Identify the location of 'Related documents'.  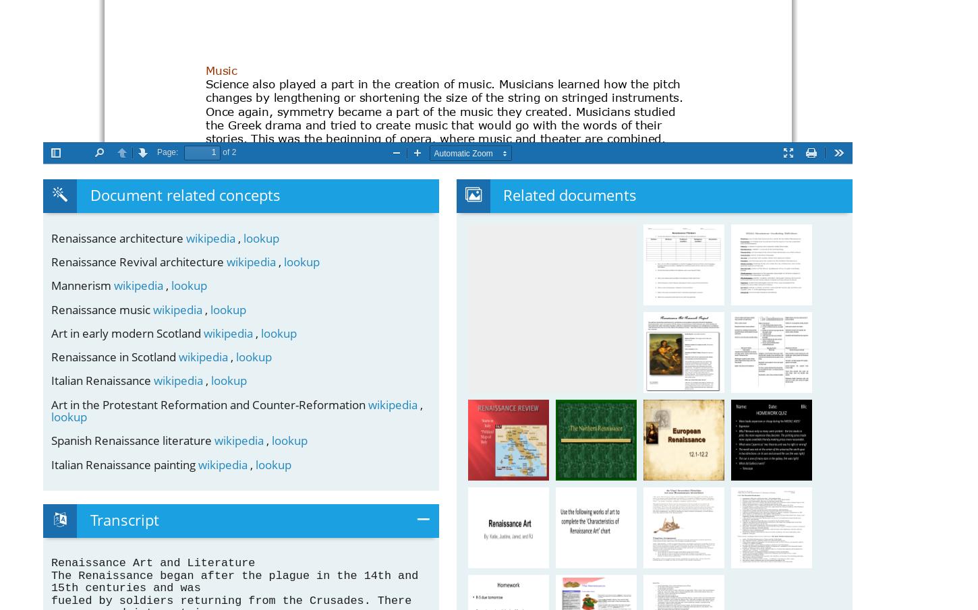
(570, 194).